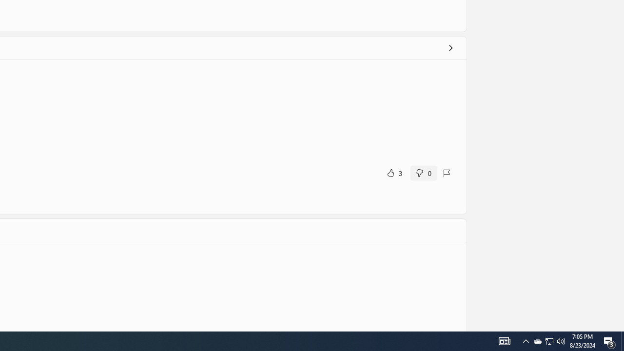 This screenshot has width=624, height=351. I want to click on 'Report review', so click(447, 172).